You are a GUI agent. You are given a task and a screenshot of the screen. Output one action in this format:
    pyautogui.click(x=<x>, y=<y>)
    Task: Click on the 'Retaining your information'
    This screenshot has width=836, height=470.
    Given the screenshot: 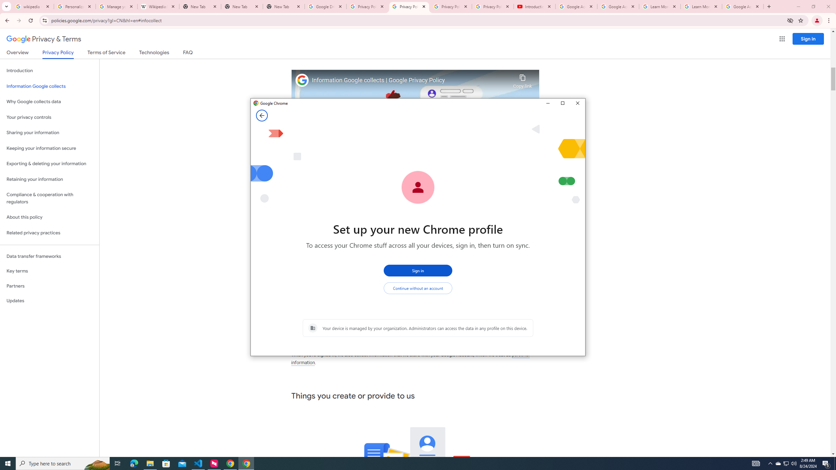 What is the action you would take?
    pyautogui.click(x=49, y=179)
    